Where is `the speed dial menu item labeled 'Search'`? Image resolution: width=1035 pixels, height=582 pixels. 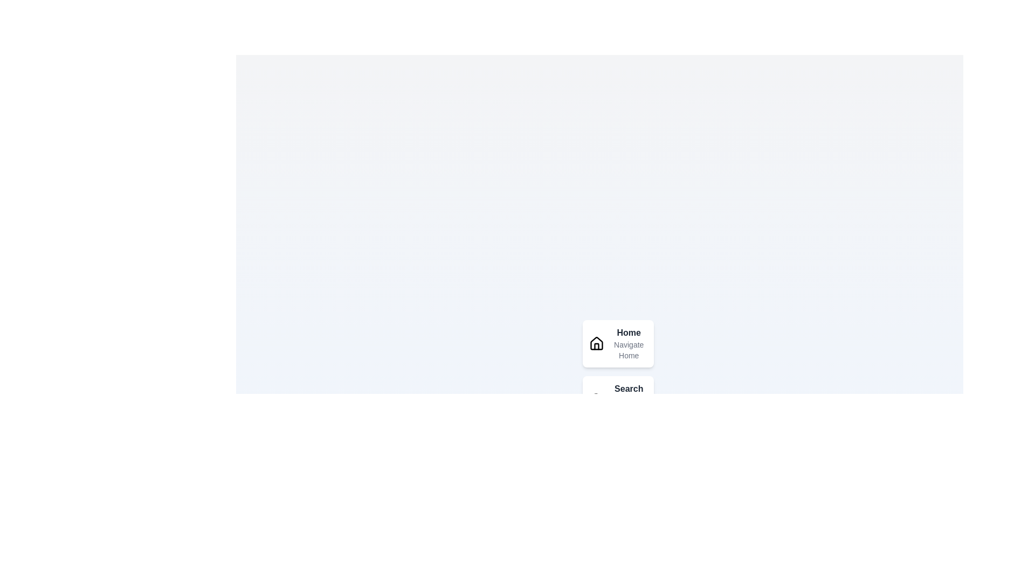
the speed dial menu item labeled 'Search' is located at coordinates (596, 399).